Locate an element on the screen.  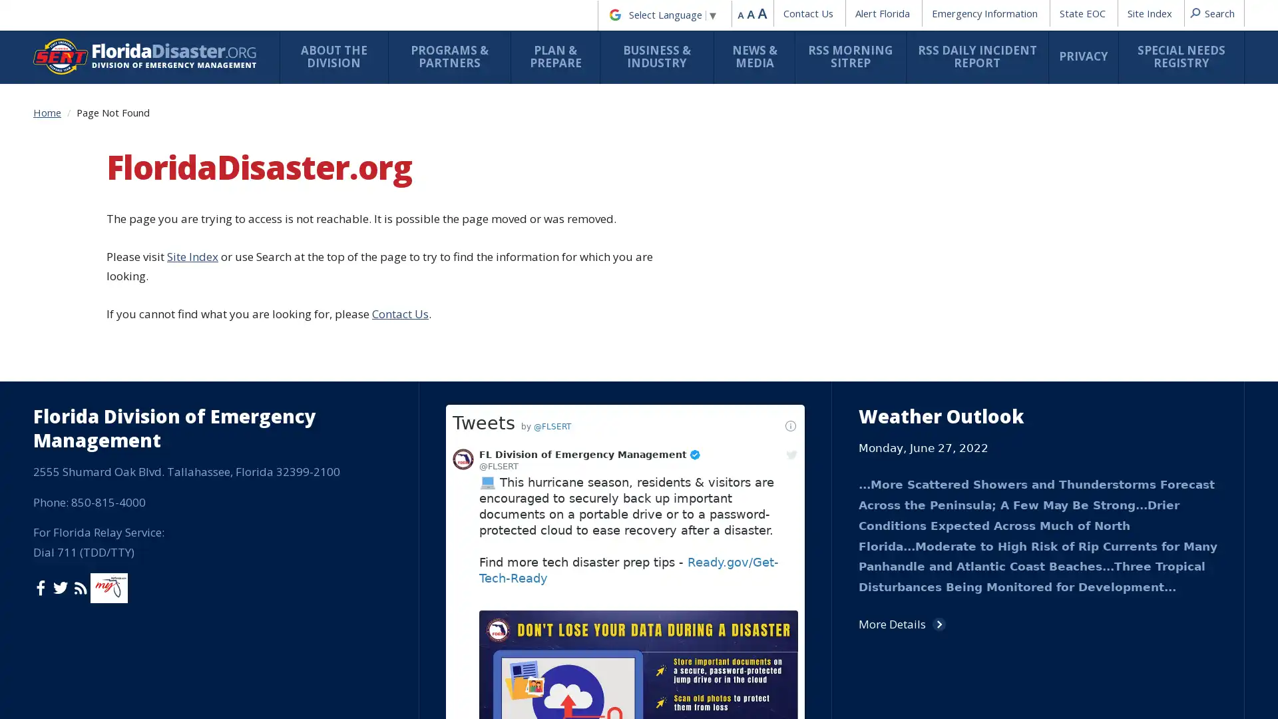
Toggle More is located at coordinates (399, 449).